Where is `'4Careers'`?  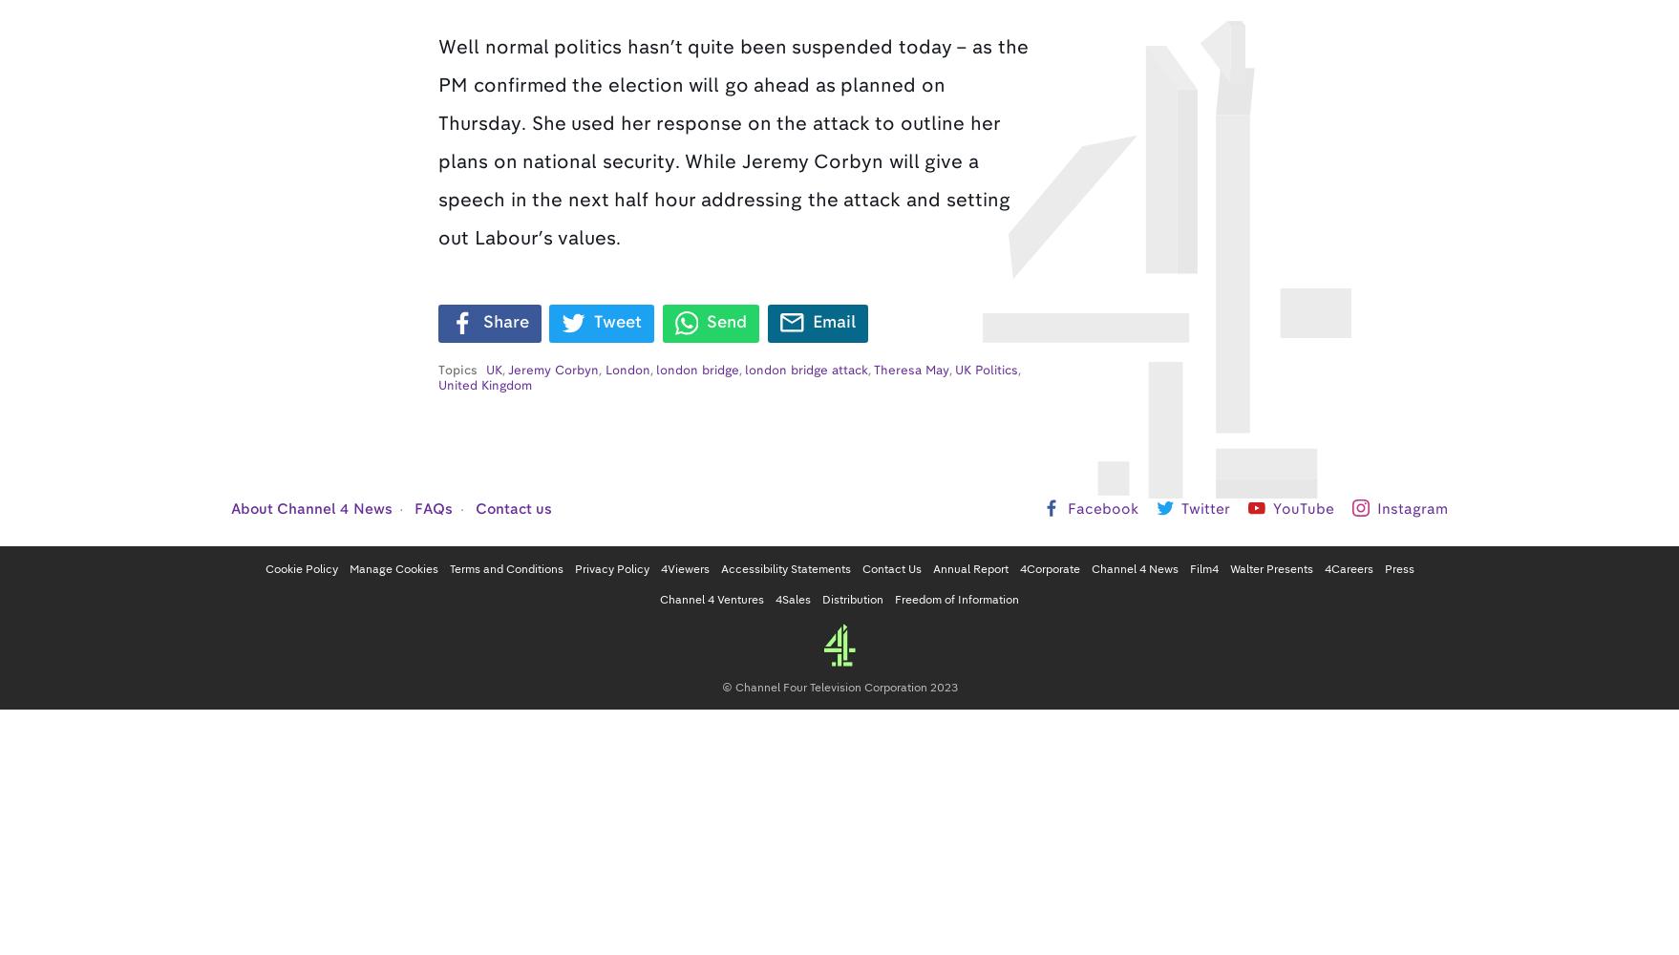
'4Careers' is located at coordinates (1347, 567).